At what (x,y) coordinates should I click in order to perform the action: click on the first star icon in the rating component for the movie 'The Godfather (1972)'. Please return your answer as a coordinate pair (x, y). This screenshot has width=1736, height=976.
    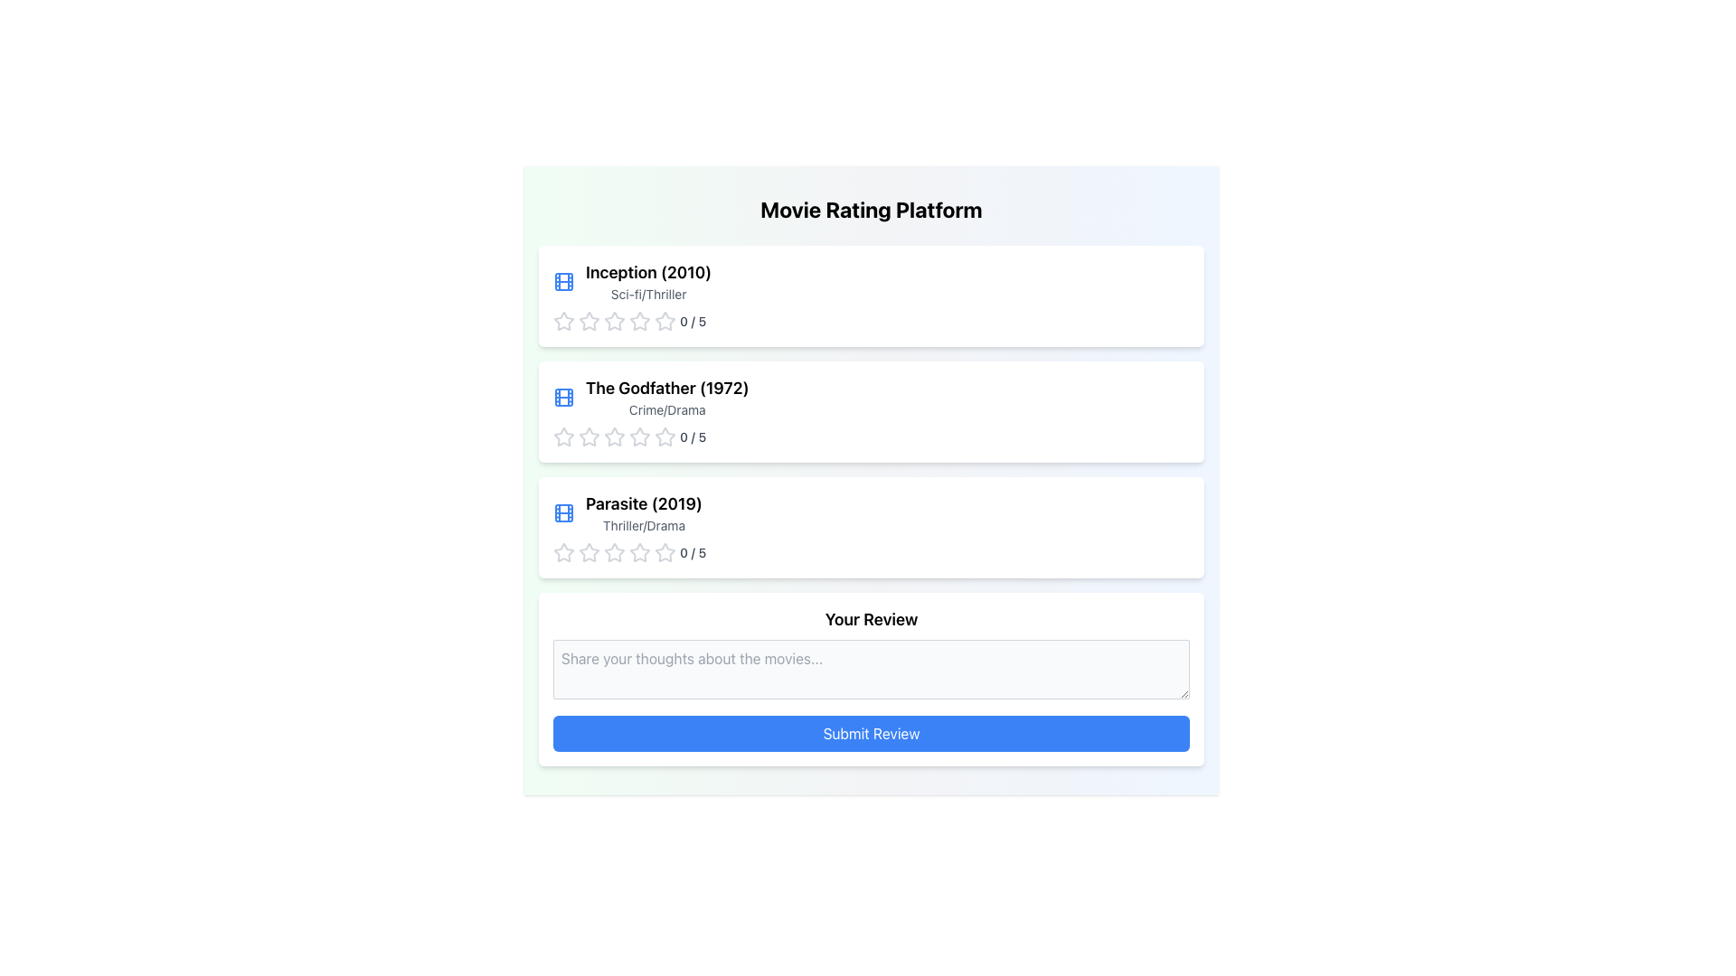
    Looking at the image, I should click on (615, 436).